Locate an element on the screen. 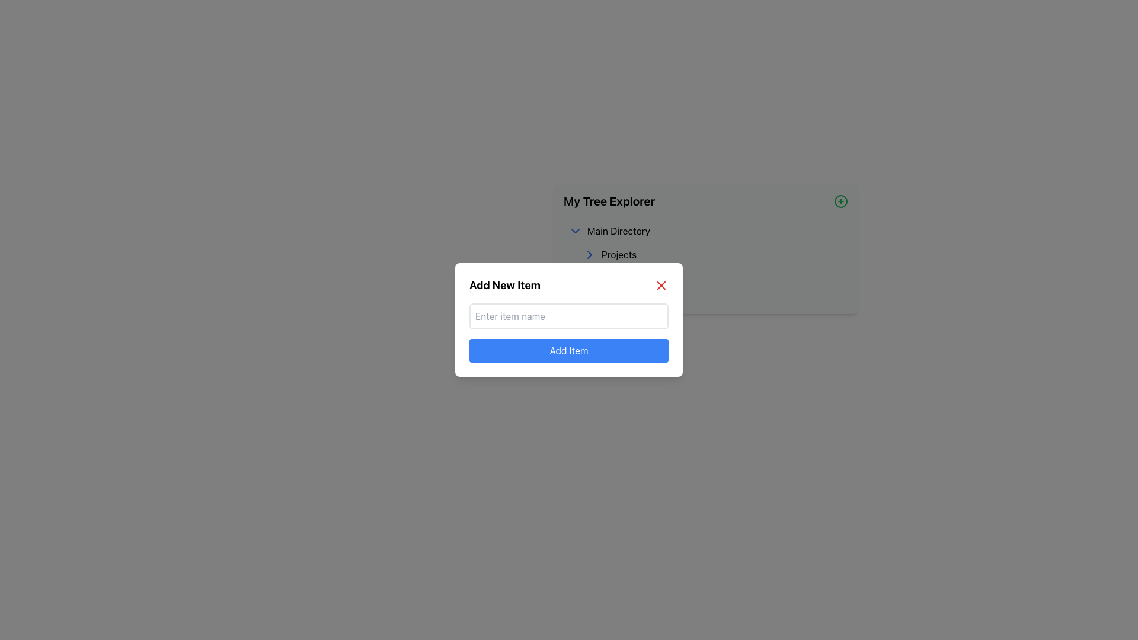 The height and width of the screenshot is (640, 1138). the 'Main Directory' text label in the tree view, which is located above the 'Projects' entry and next to a chevron icon is located at coordinates (618, 231).